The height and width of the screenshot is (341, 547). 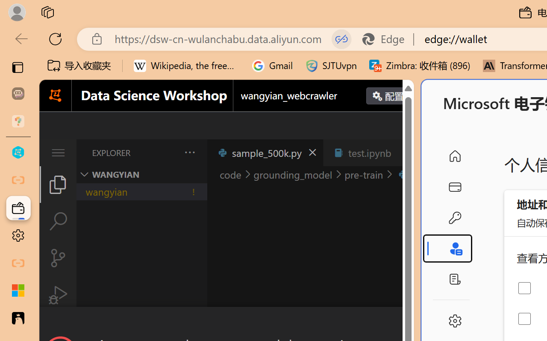 What do you see at coordinates (272, 66) in the screenshot?
I see `'Gmail'` at bounding box center [272, 66].